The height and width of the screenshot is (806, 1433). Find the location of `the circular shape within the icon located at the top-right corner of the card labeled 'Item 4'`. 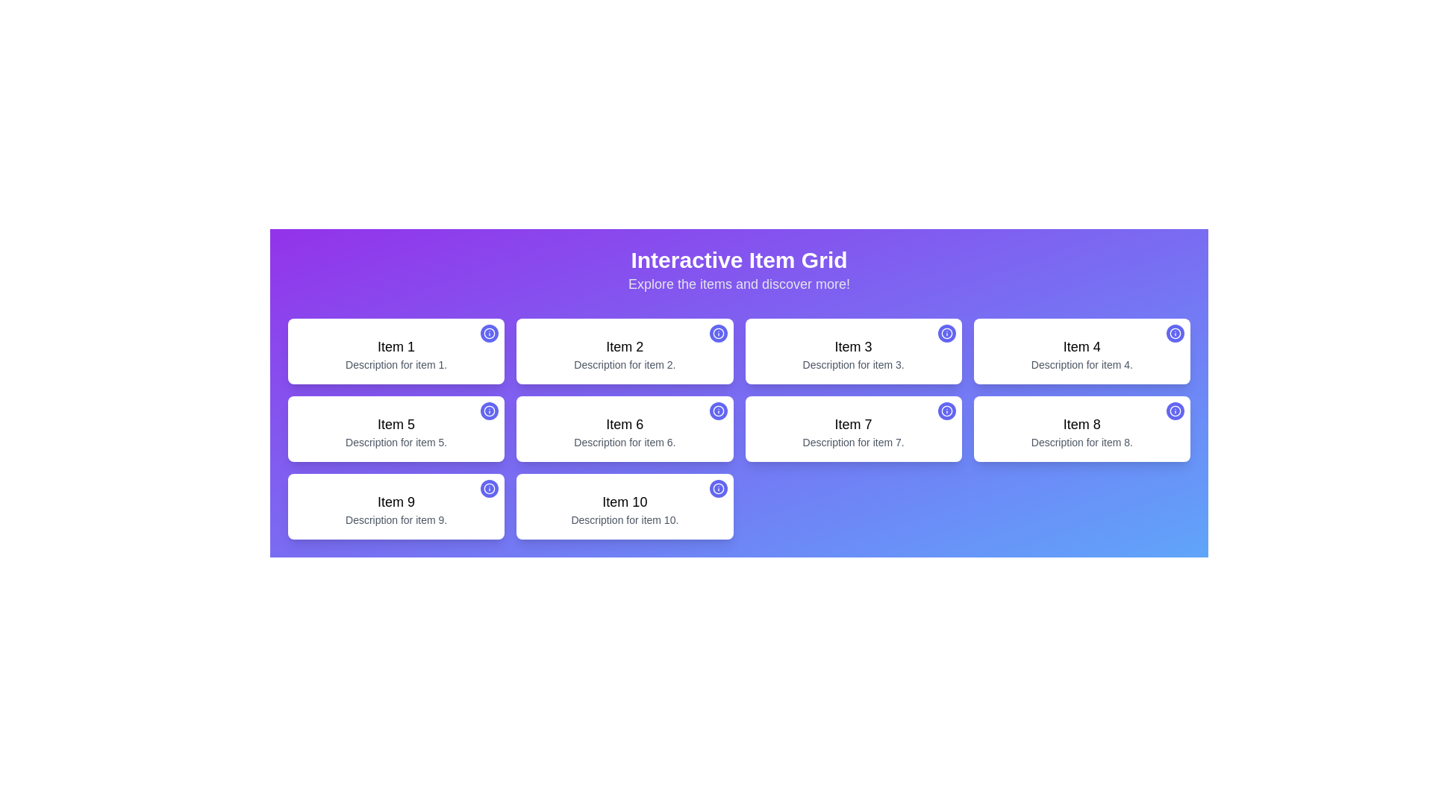

the circular shape within the icon located at the top-right corner of the card labeled 'Item 4' is located at coordinates (1174, 333).